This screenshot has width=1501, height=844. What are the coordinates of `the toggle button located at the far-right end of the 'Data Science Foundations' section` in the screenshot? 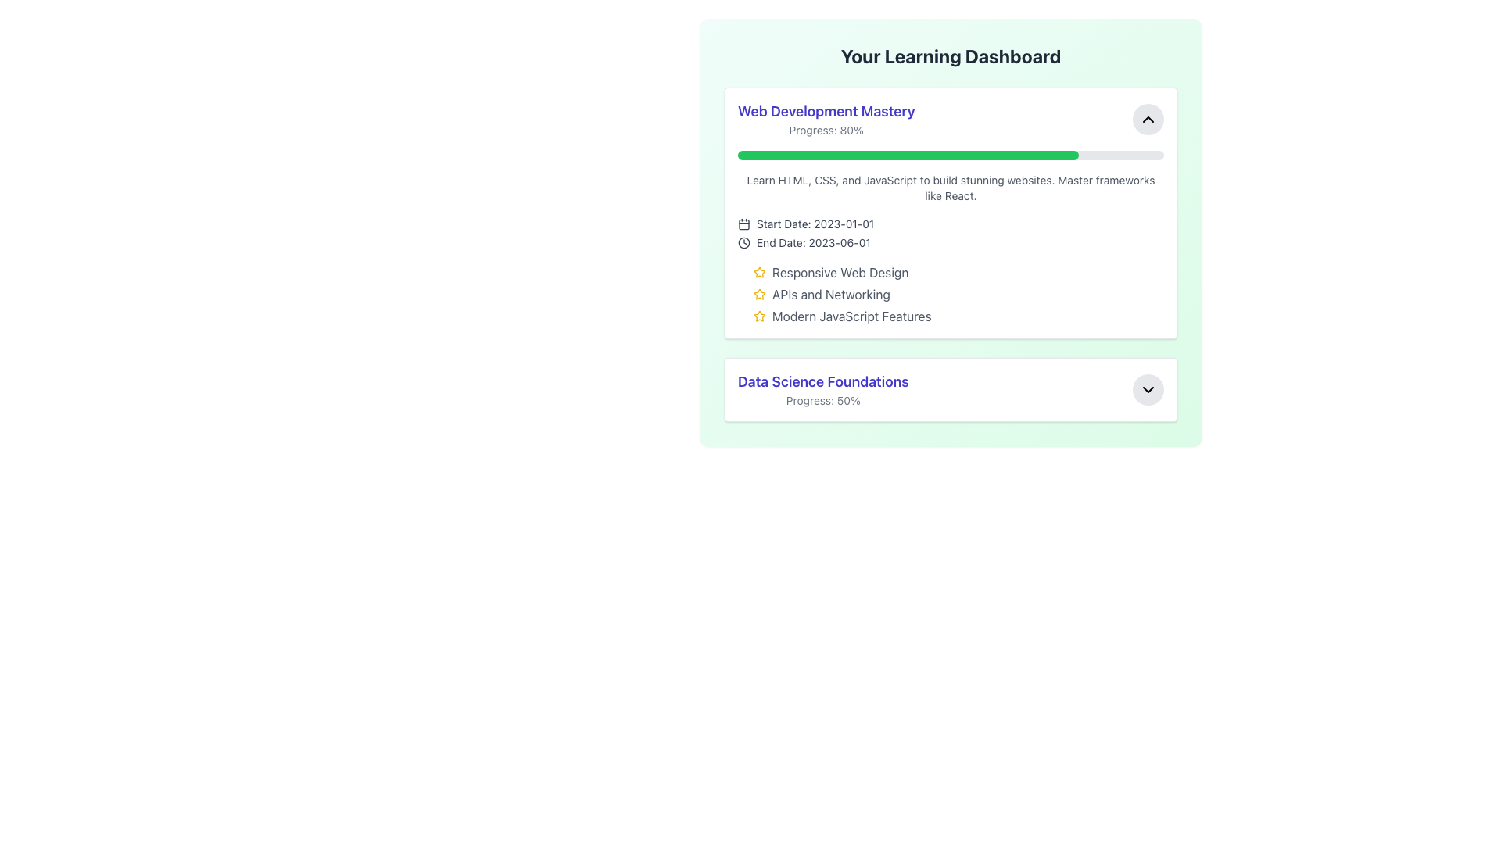 It's located at (1148, 388).